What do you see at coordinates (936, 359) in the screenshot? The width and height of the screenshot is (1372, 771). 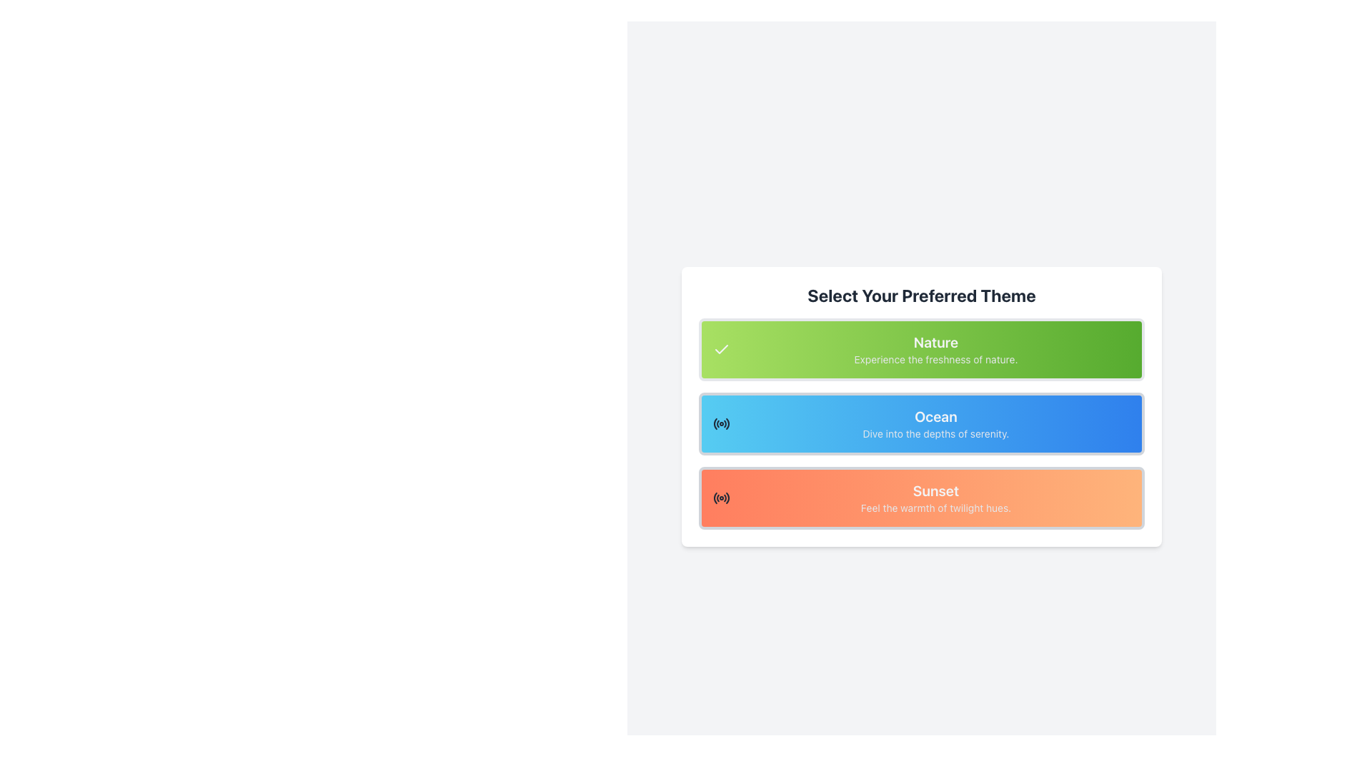 I see `the text label that reads 'Experience the freshness of nature.' which is styled in light gray and positioned below the 'Nature' label` at bounding box center [936, 359].